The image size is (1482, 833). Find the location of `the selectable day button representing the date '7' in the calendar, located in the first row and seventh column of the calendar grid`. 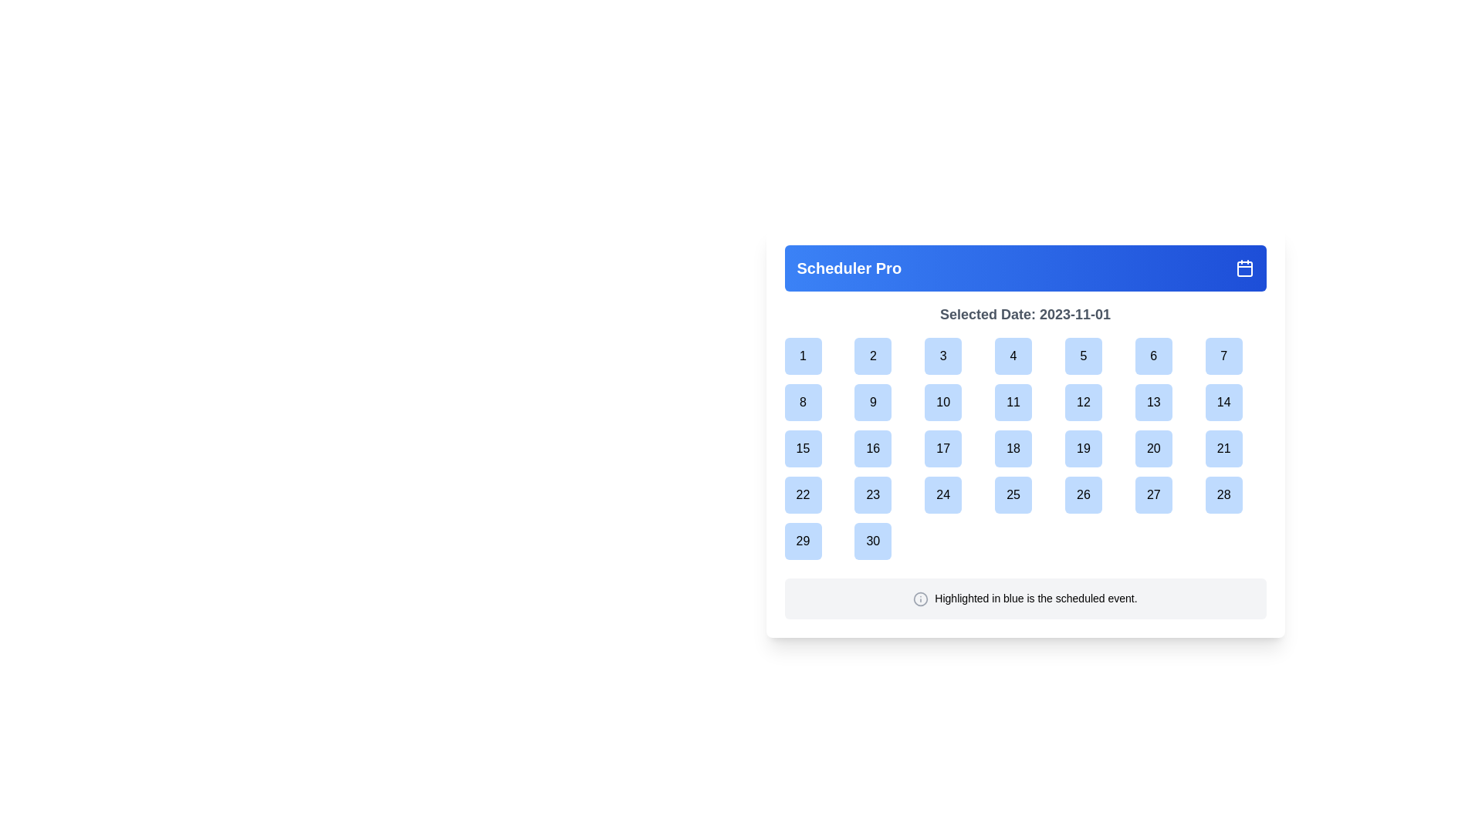

the selectable day button representing the date '7' in the calendar, located in the first row and seventh column of the calendar grid is located at coordinates (1236, 356).